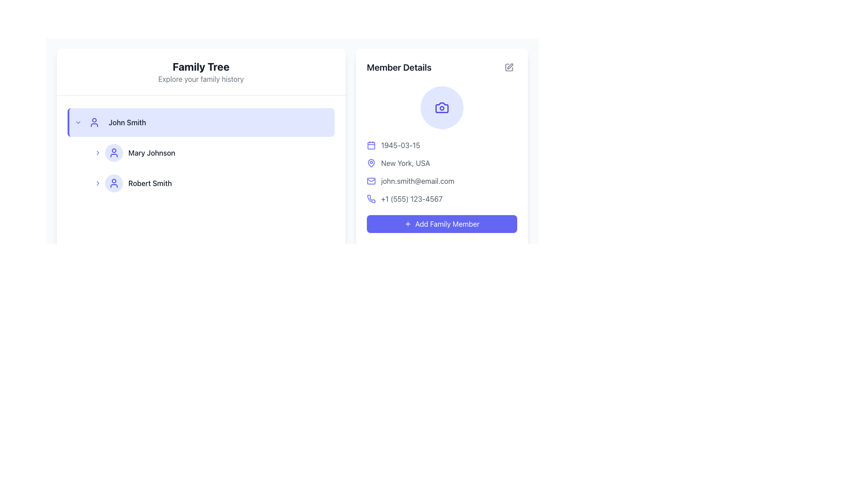  Describe the element at coordinates (371, 181) in the screenshot. I see `the email information icon located in the member details section, positioned to the left of the email text 'john.smith@email.com'` at that location.